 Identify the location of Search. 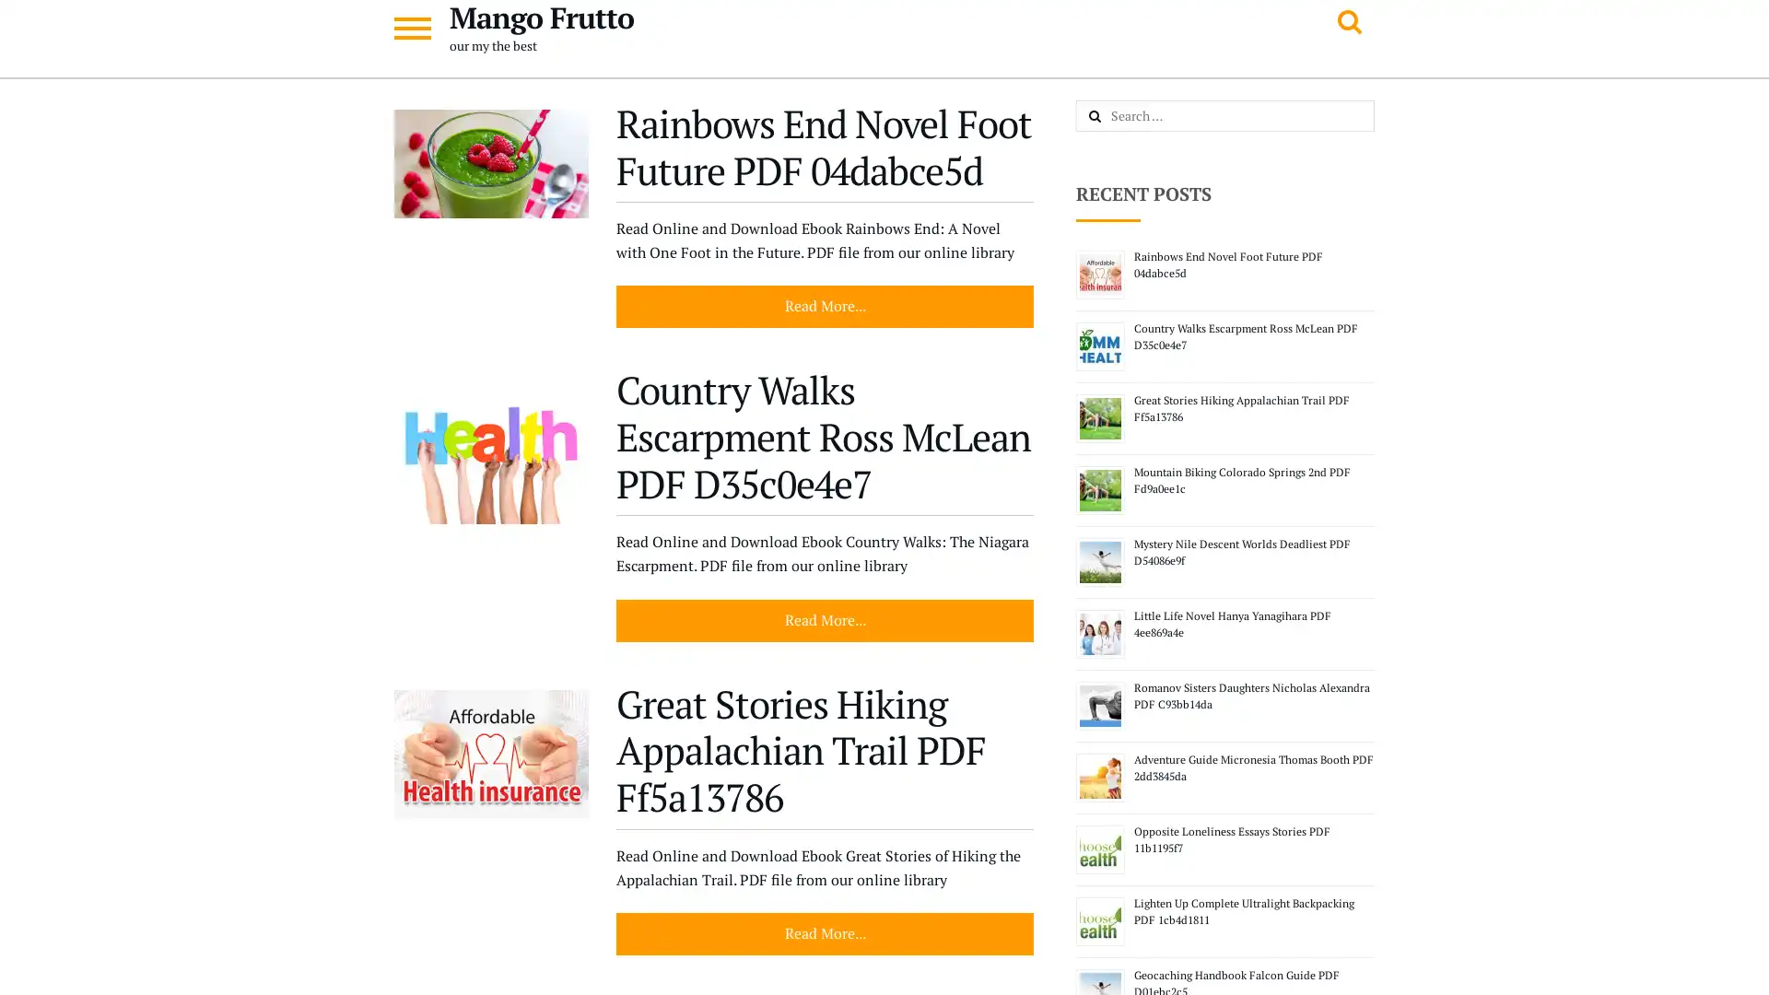
(1114, 117).